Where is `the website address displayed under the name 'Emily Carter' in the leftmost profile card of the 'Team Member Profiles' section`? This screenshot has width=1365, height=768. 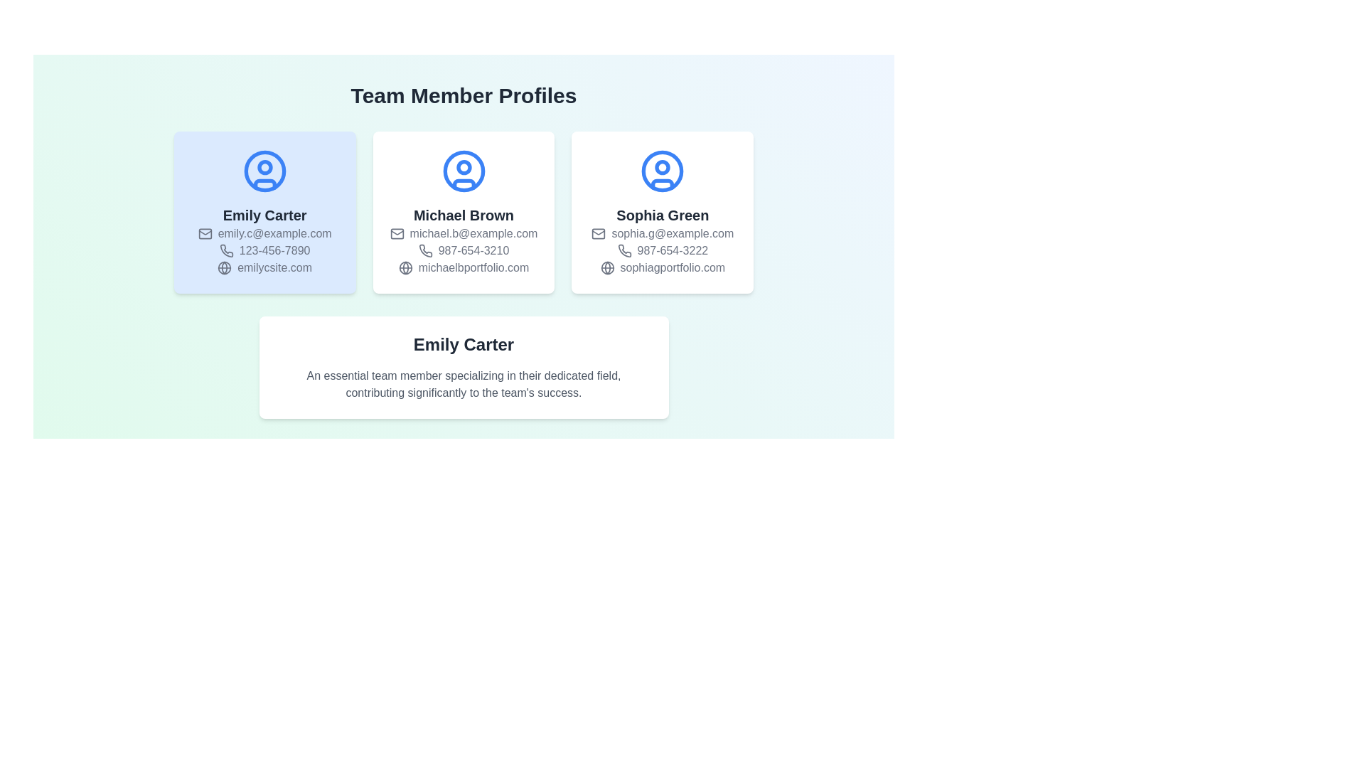
the website address displayed under the name 'Emily Carter' in the leftmost profile card of the 'Team Member Profiles' section is located at coordinates (264, 268).